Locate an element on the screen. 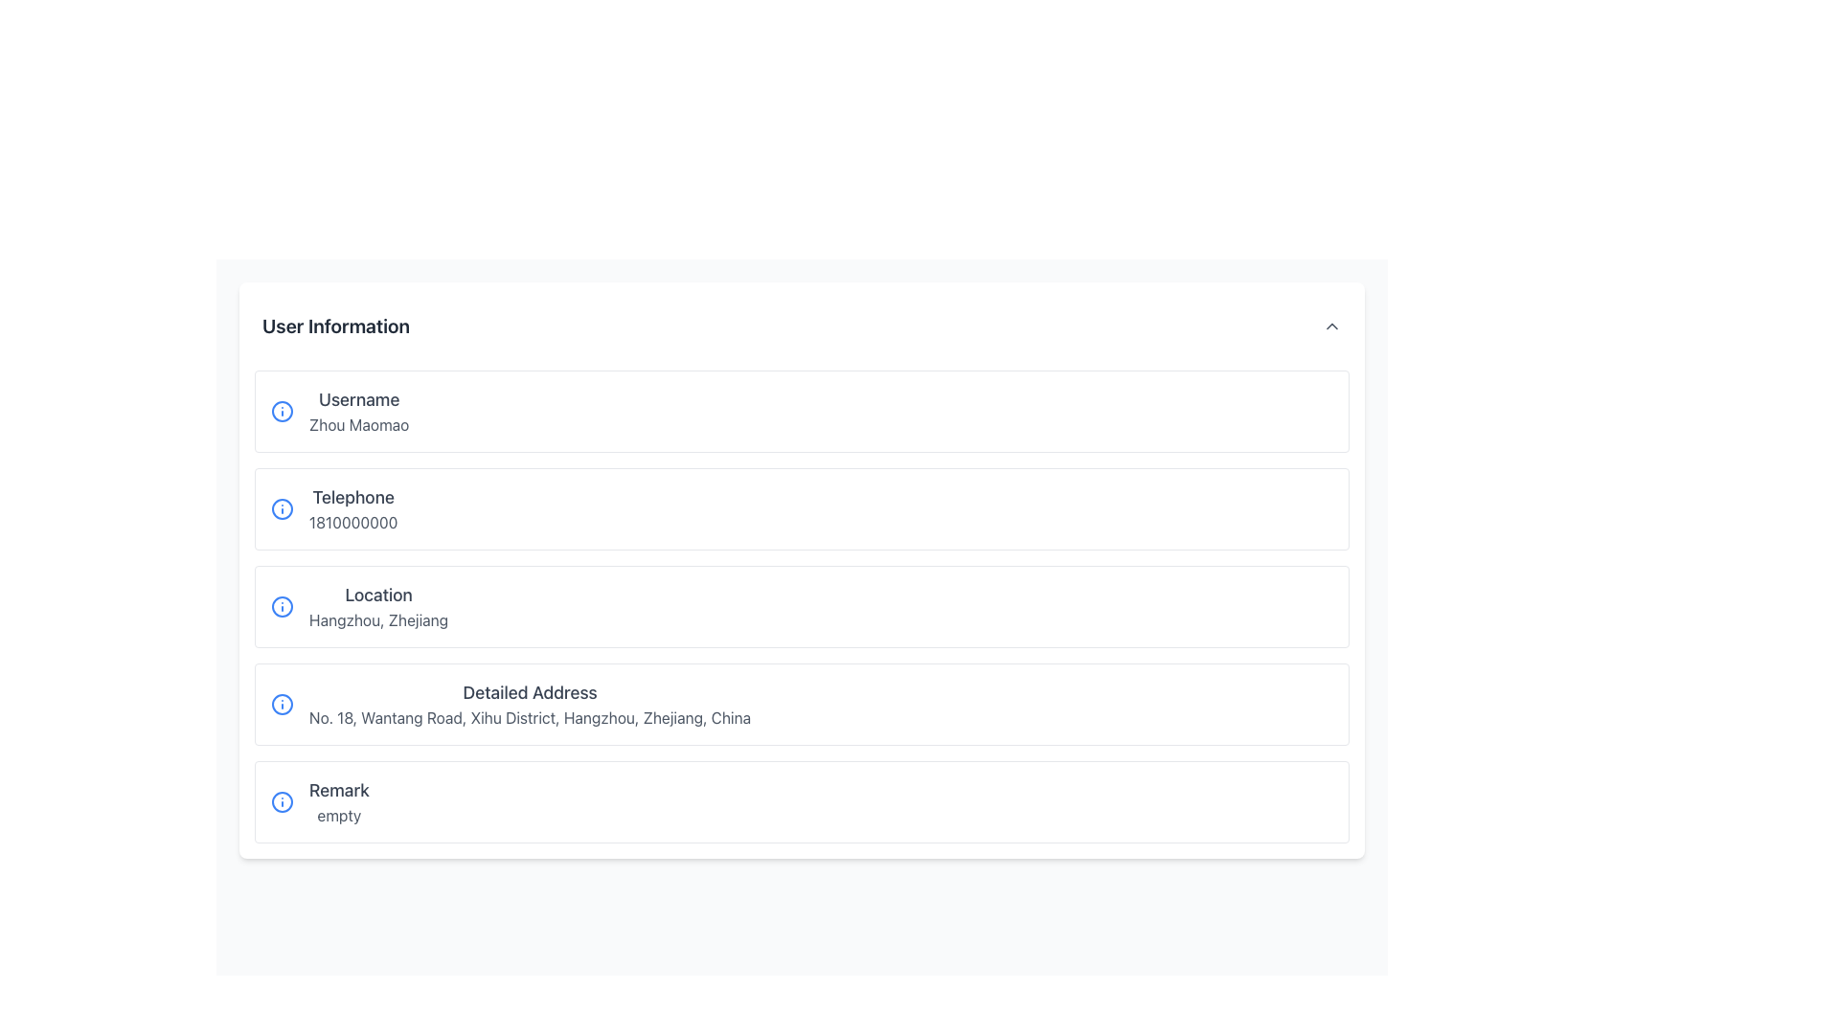  the outer circular component of the information icon located to the left of the 'Remark' section in the 'User Information' card is located at coordinates (281, 801).